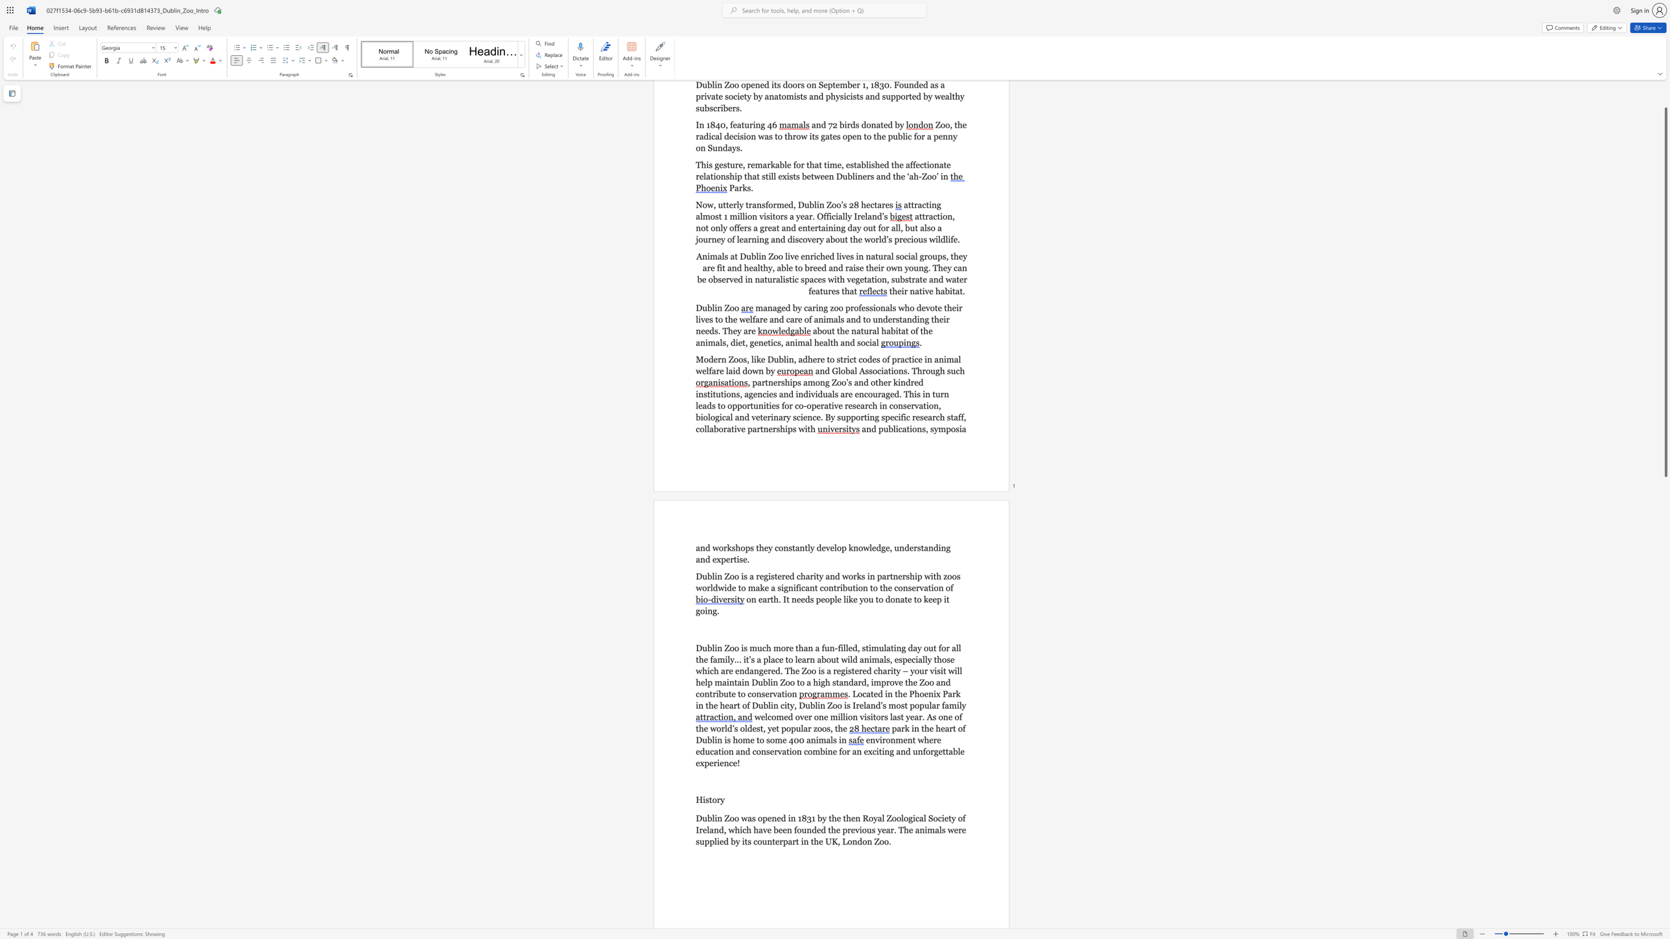  I want to click on the subset text "831 by the then Royal Zoological Society of Ireland, which ha" within the text "Dublin Zoo was opened in 1831 by the then Royal Zoological Society of Ireland, which have been founded the previous year. The animals were supplied by its counterpart in the UK, London Zoo.", so click(801, 818).